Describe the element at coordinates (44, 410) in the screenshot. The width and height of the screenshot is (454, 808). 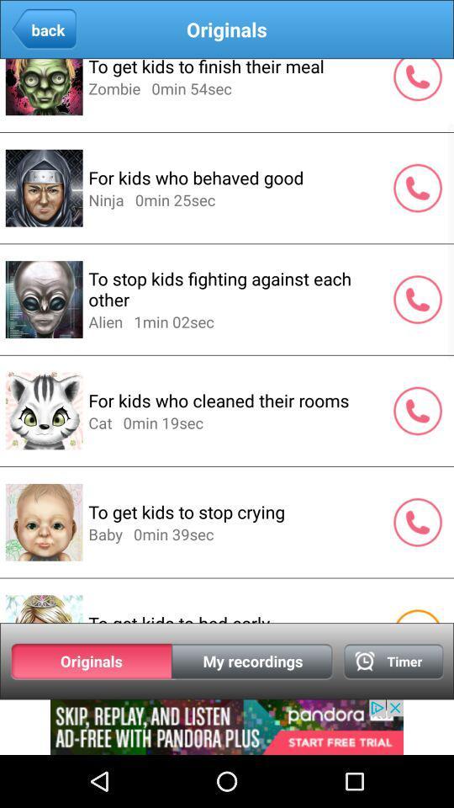
I see `the image beside for kids who cleaned their rooms` at that location.